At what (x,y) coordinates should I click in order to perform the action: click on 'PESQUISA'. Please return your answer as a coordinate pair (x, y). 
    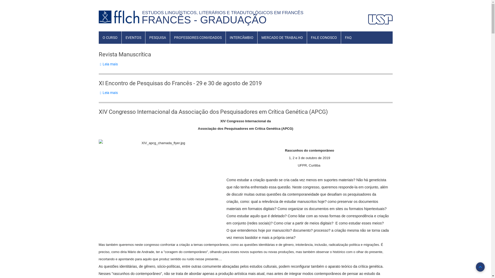
    Looking at the image, I should click on (157, 37).